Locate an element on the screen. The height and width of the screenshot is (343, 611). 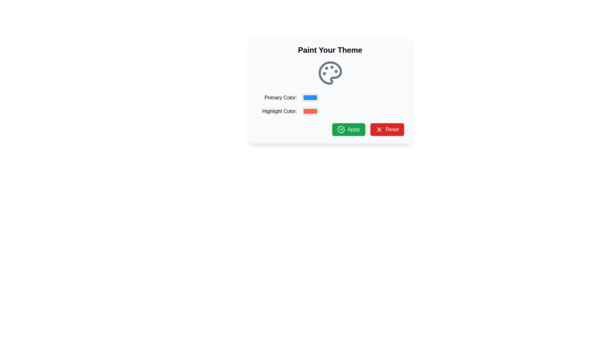
the text label that indicates the highlight color setting, which is located to the left of the color-picker widget in the 'Paint Your Theme' settings card is located at coordinates (277, 111).